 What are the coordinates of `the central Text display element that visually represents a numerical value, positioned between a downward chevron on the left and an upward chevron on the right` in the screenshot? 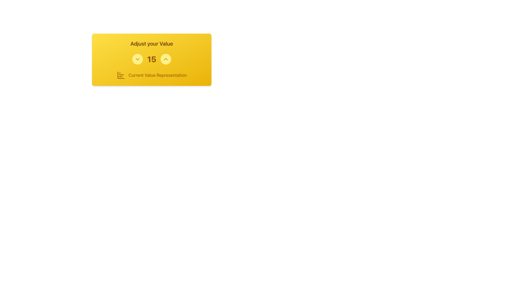 It's located at (151, 59).